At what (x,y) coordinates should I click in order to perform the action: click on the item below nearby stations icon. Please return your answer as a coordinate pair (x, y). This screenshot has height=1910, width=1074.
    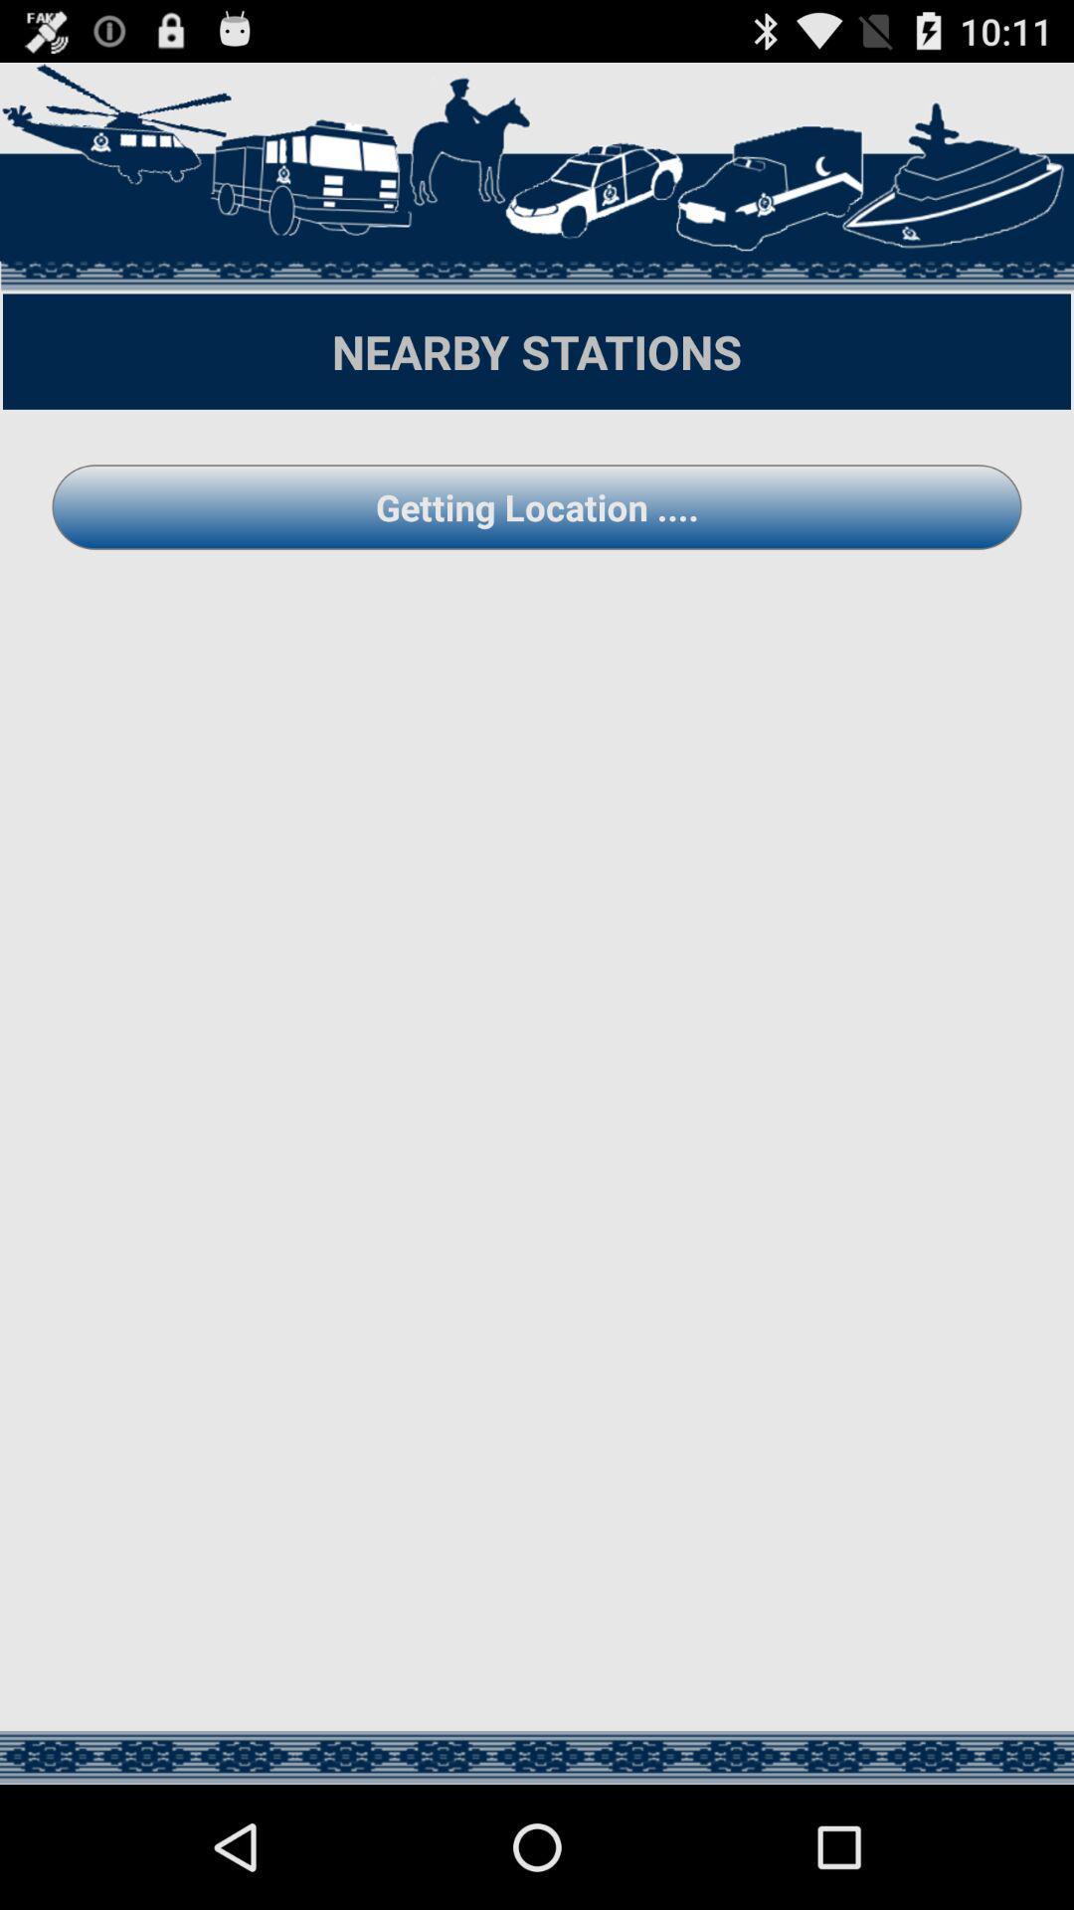
    Looking at the image, I should click on (537, 506).